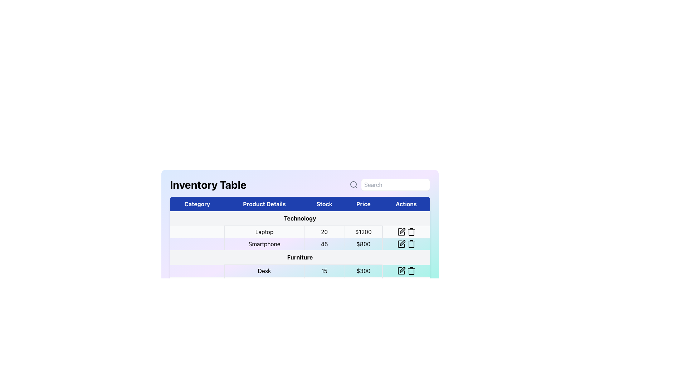  I want to click on the delete button in the last column of the row labeled 'Desk' under the 'Furniture' category, which changes its icon color to red, so click(411, 271).